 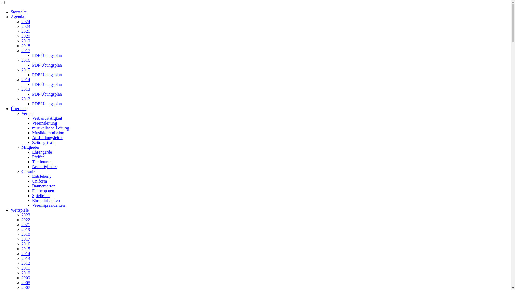 I want to click on 'Mitglieder', so click(x=21, y=147).